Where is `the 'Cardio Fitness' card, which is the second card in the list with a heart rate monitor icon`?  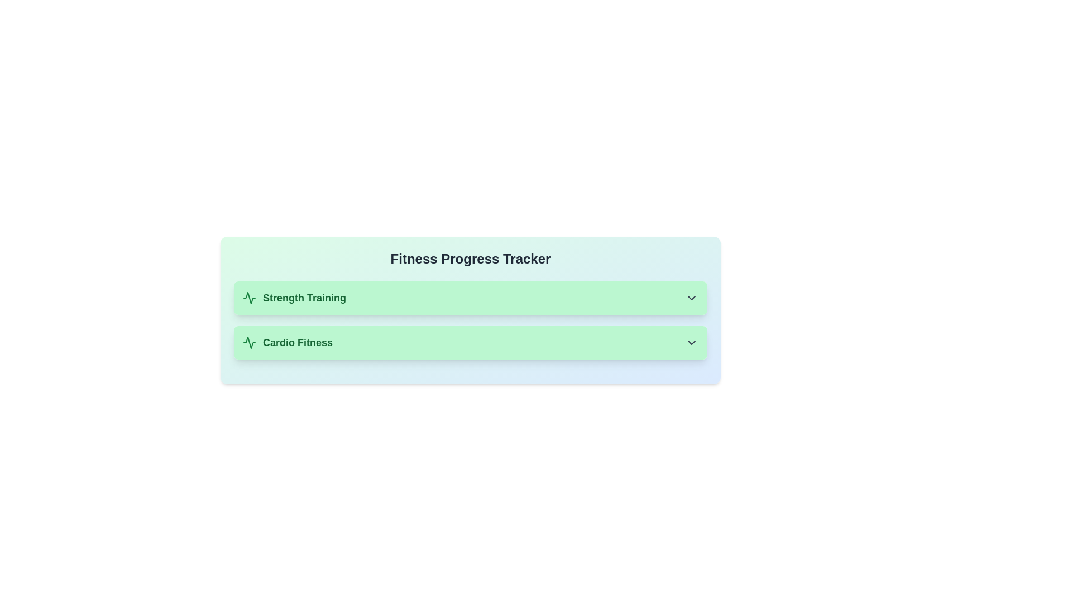 the 'Cardio Fitness' card, which is the second card in the list with a heart rate monitor icon is located at coordinates (471, 342).